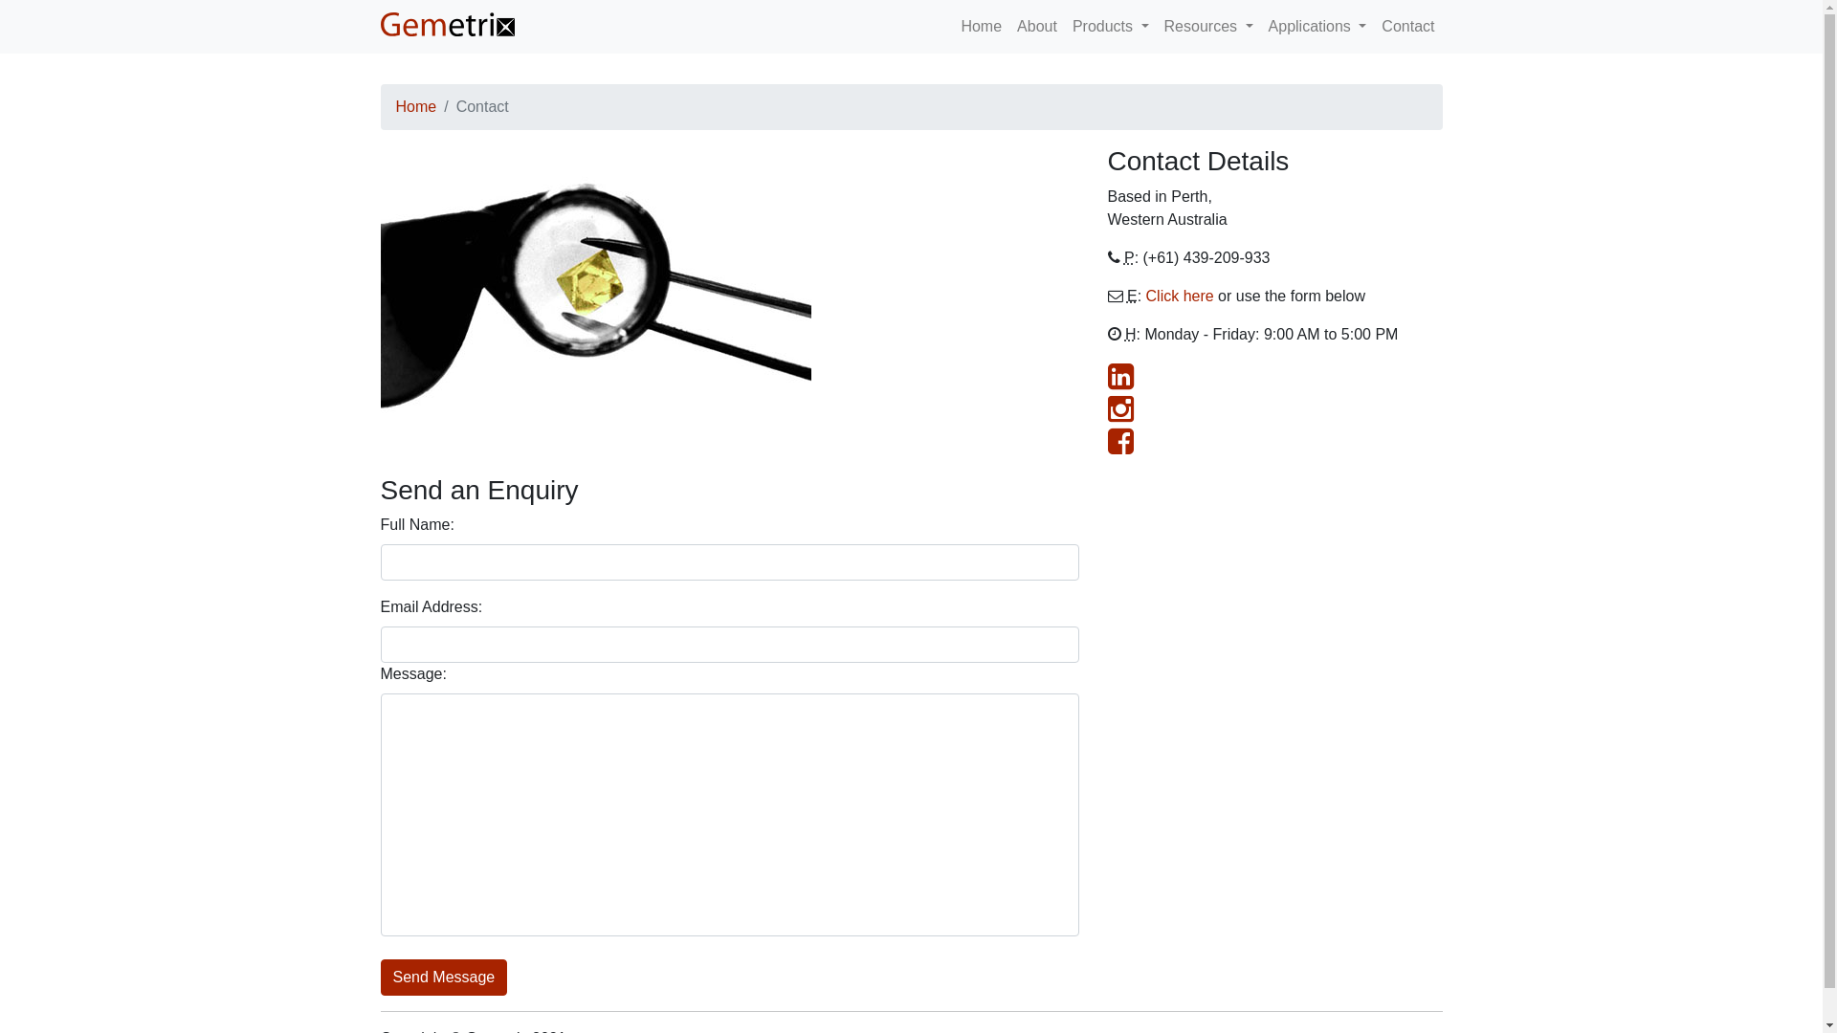  I want to click on 'Products', so click(1064, 26).